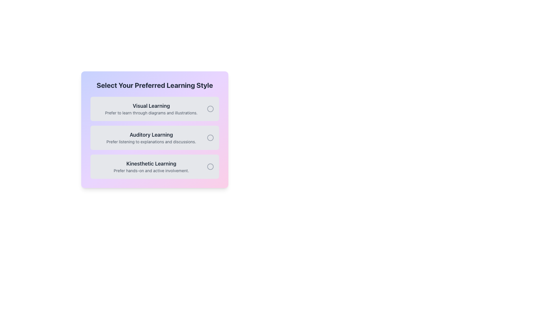 This screenshot has height=312, width=555. What do you see at coordinates (210, 138) in the screenshot?
I see `the 'Auditory Learning' radio button` at bounding box center [210, 138].